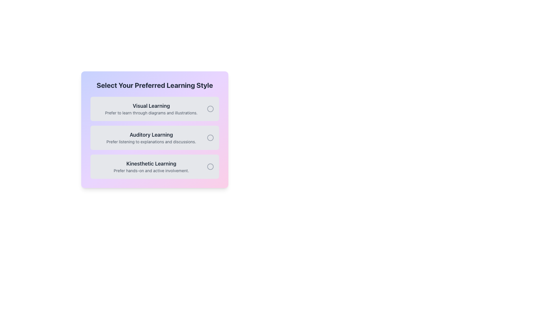 This screenshot has height=312, width=555. What do you see at coordinates (210, 138) in the screenshot?
I see `the 'Auditory Learning' radio button` at bounding box center [210, 138].